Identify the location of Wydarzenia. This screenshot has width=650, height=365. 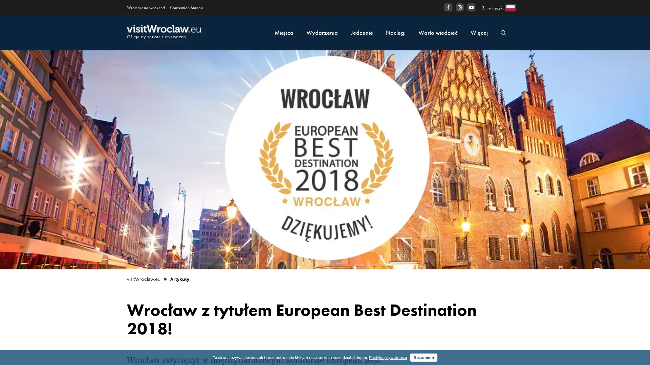
(322, 32).